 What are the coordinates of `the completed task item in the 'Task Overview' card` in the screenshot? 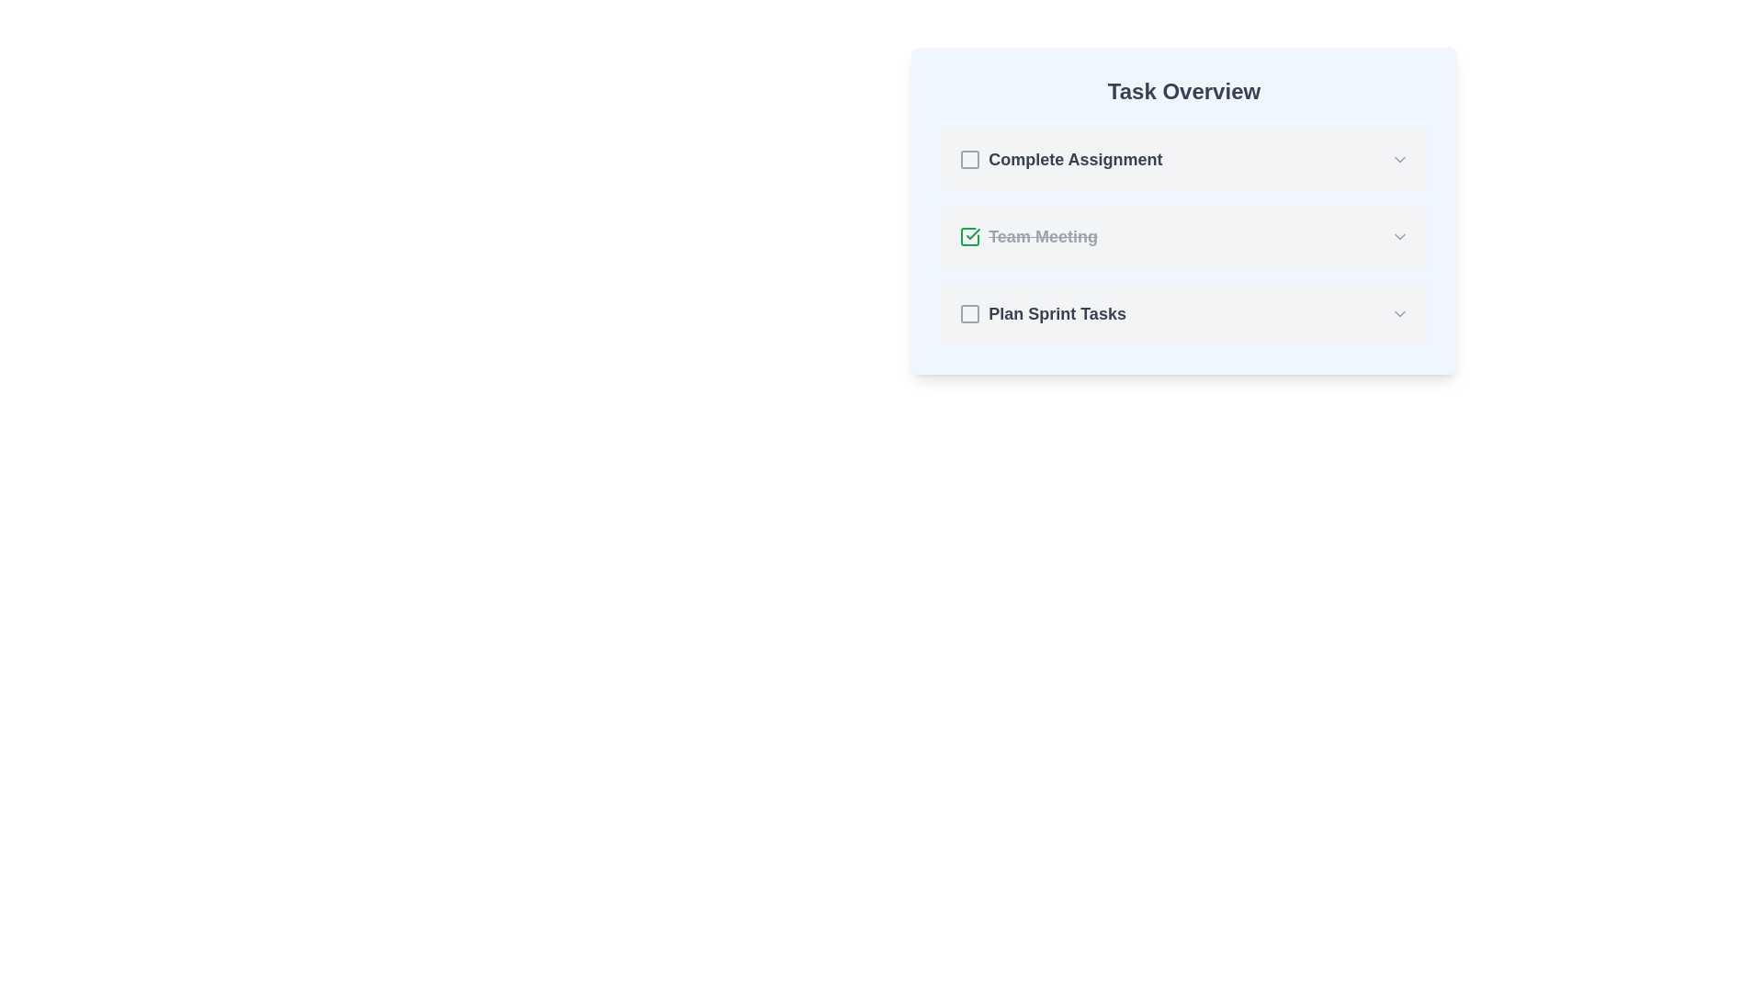 It's located at (1184, 236).